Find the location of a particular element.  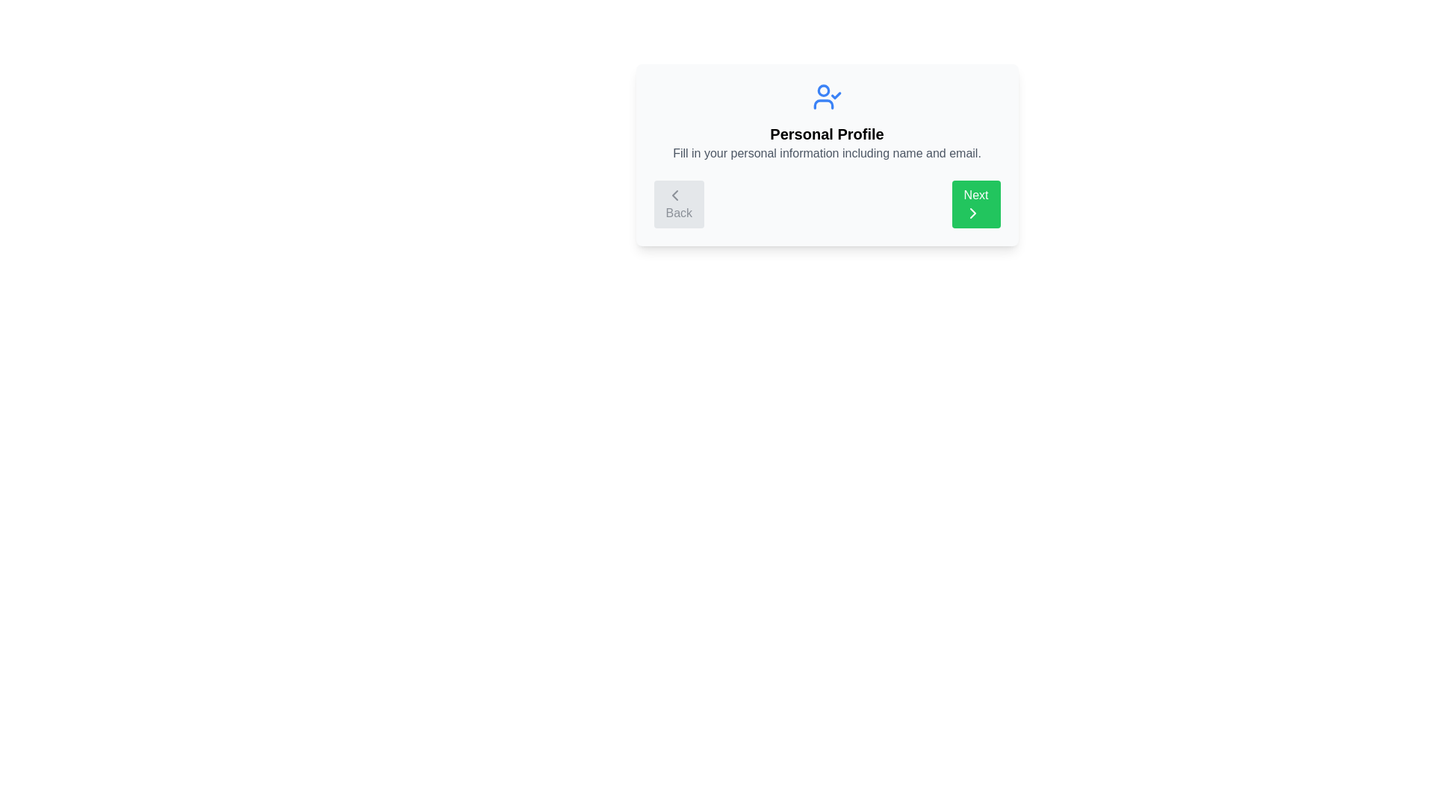

Back button to navigate through the steps is located at coordinates (677, 204).